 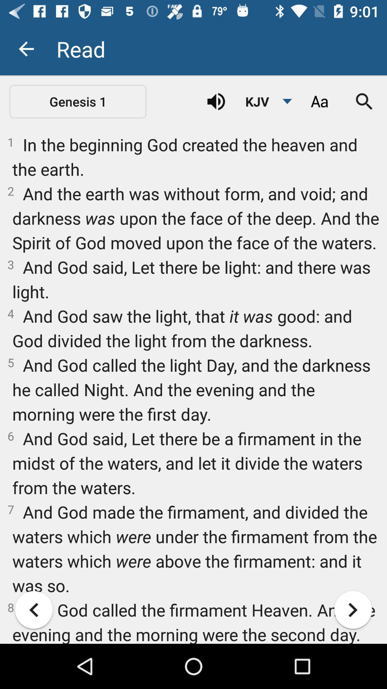 I want to click on the arrow_forward icon, so click(x=353, y=609).